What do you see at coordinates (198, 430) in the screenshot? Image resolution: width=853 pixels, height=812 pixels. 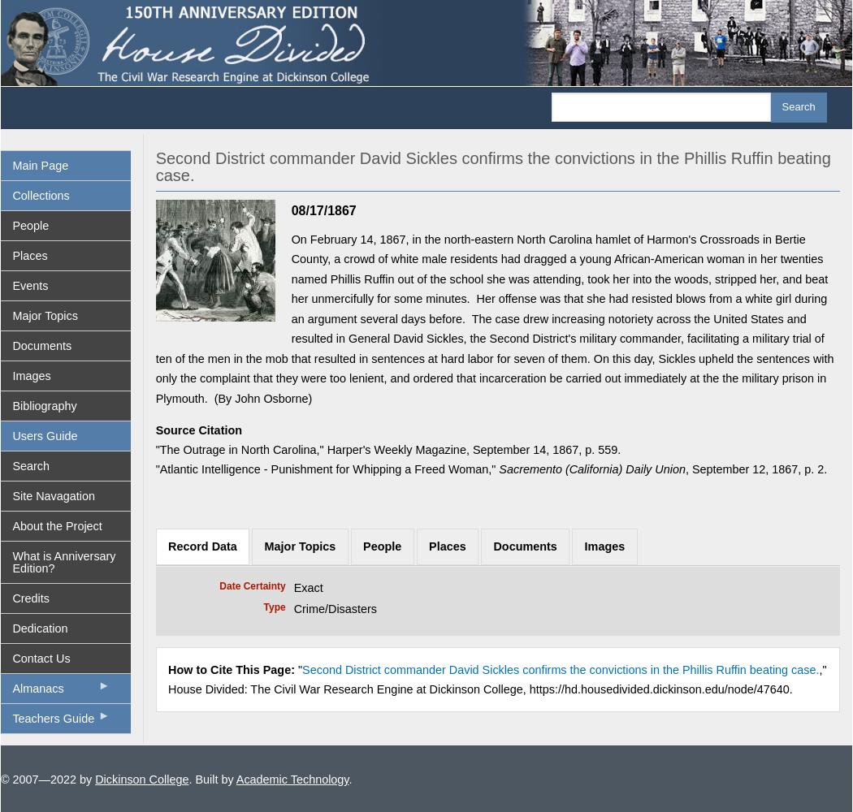 I see `'Source Citation'` at bounding box center [198, 430].